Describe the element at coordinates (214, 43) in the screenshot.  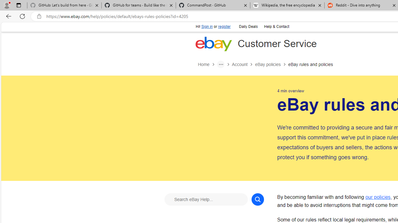
I see `'eBay Home'` at that location.